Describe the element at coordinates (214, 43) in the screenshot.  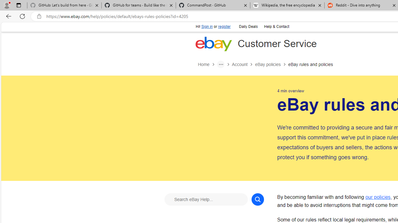
I see `'eBay Home'` at that location.